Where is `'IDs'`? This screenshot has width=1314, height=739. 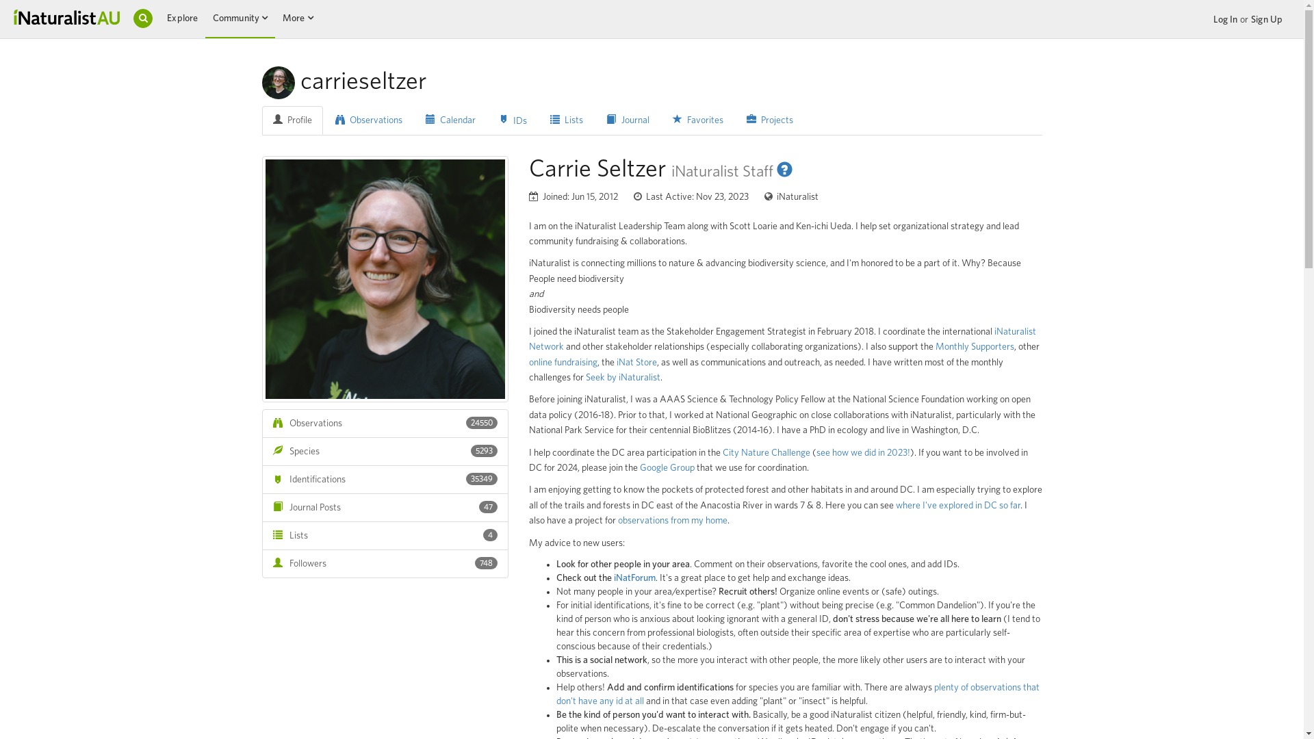 'IDs' is located at coordinates (488, 120).